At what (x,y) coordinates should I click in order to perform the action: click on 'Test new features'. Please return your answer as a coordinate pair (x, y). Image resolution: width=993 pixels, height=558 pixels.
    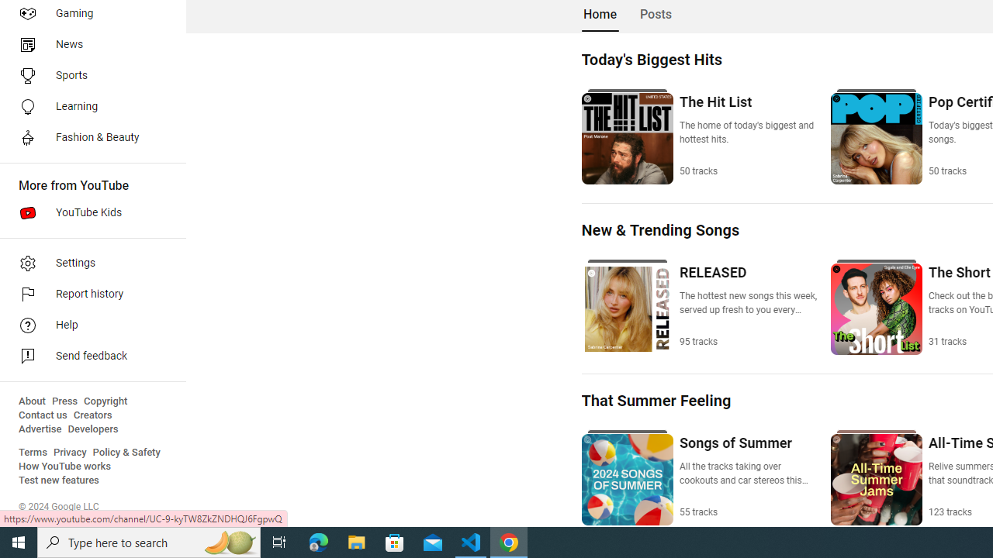
    Looking at the image, I should click on (59, 480).